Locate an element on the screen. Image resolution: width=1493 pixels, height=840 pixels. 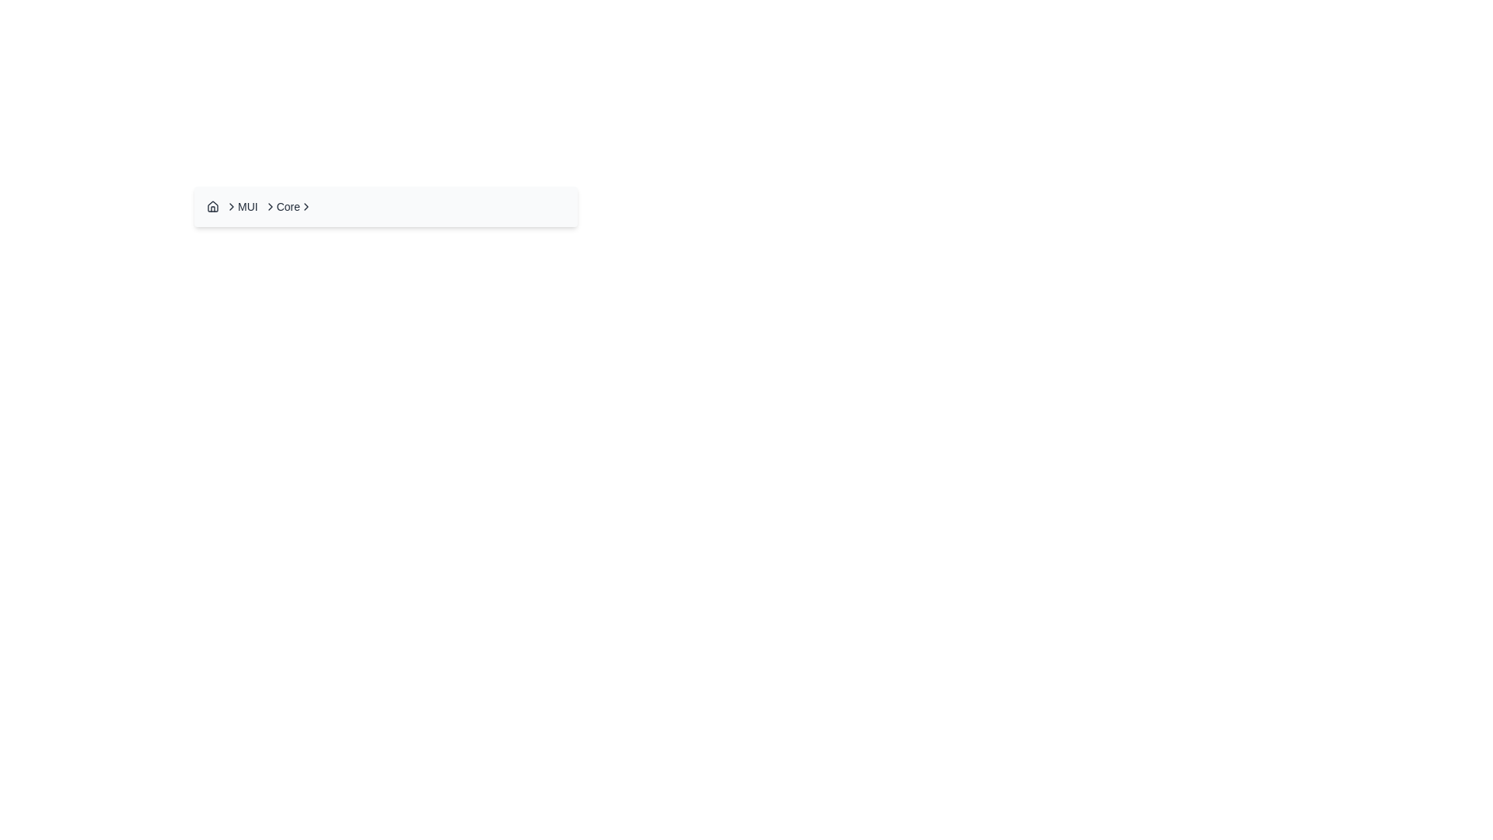
the breadcrumb text label that indicates the current navigational step in the hierarchy is located at coordinates (250, 206).